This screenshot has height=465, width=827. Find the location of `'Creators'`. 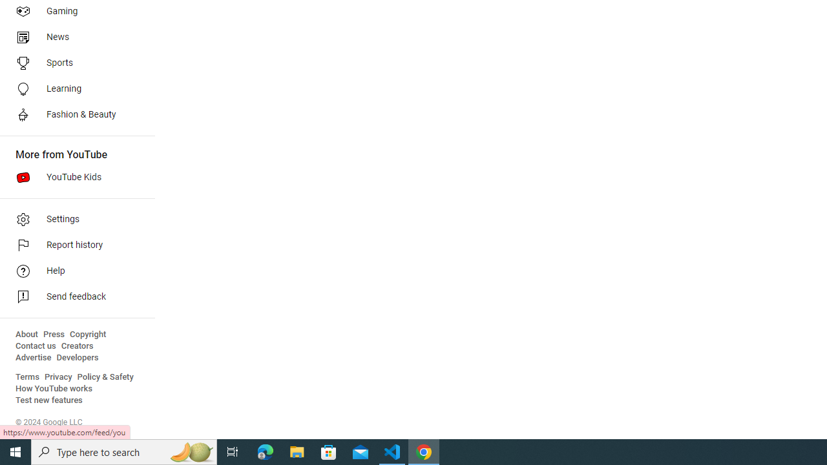

'Creators' is located at coordinates (76, 346).